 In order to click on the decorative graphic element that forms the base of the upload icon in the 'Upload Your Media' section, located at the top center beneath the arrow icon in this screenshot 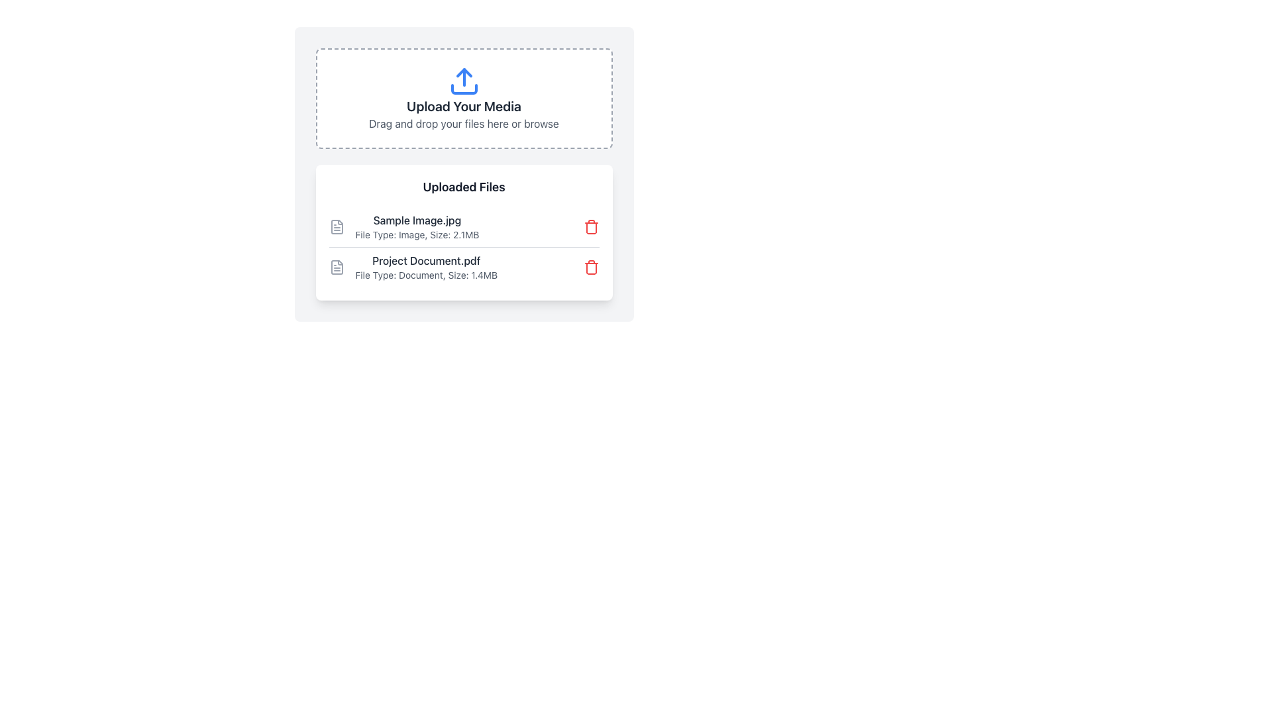, I will do `click(464, 89)`.